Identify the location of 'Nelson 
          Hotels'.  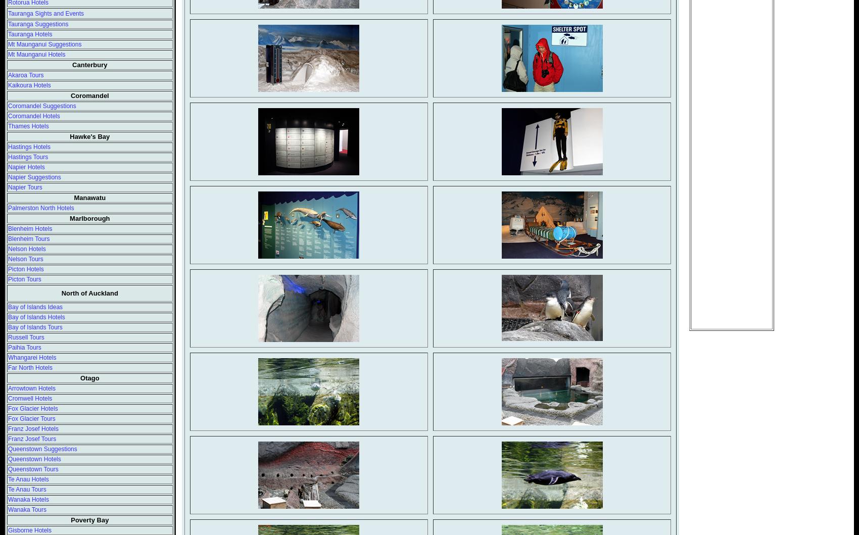
(27, 249).